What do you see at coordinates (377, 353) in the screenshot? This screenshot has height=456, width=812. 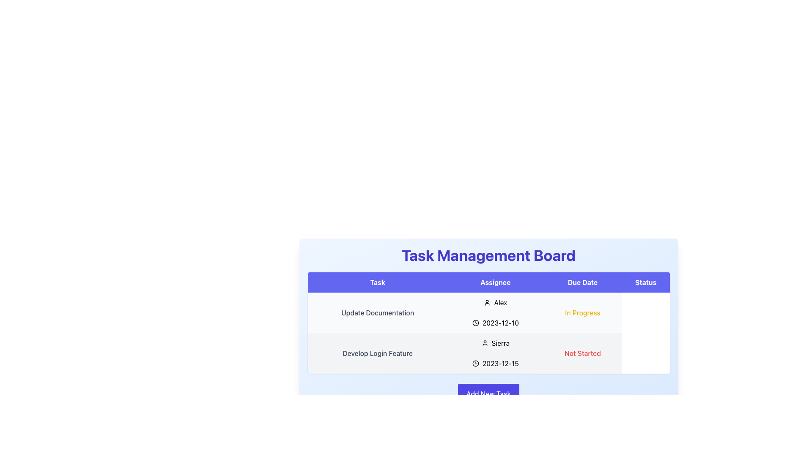 I see `the Static Text Label that serves as the title or description of a task entry in the Task Management Board, located in the first column under 'Task'` at bounding box center [377, 353].